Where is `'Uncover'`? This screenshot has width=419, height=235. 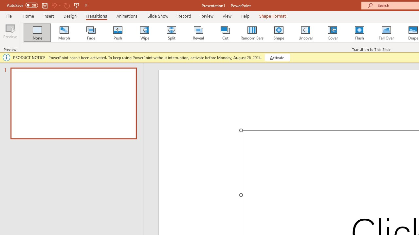
'Uncover' is located at coordinates (305, 33).